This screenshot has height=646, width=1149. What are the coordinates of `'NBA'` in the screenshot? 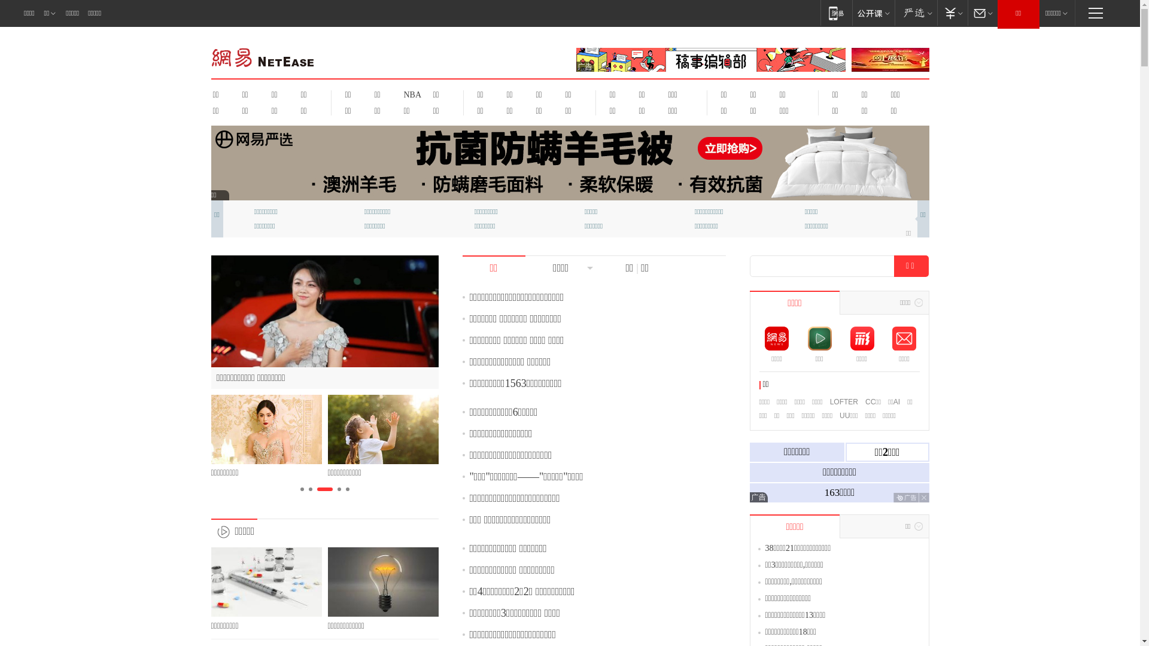 It's located at (411, 94).